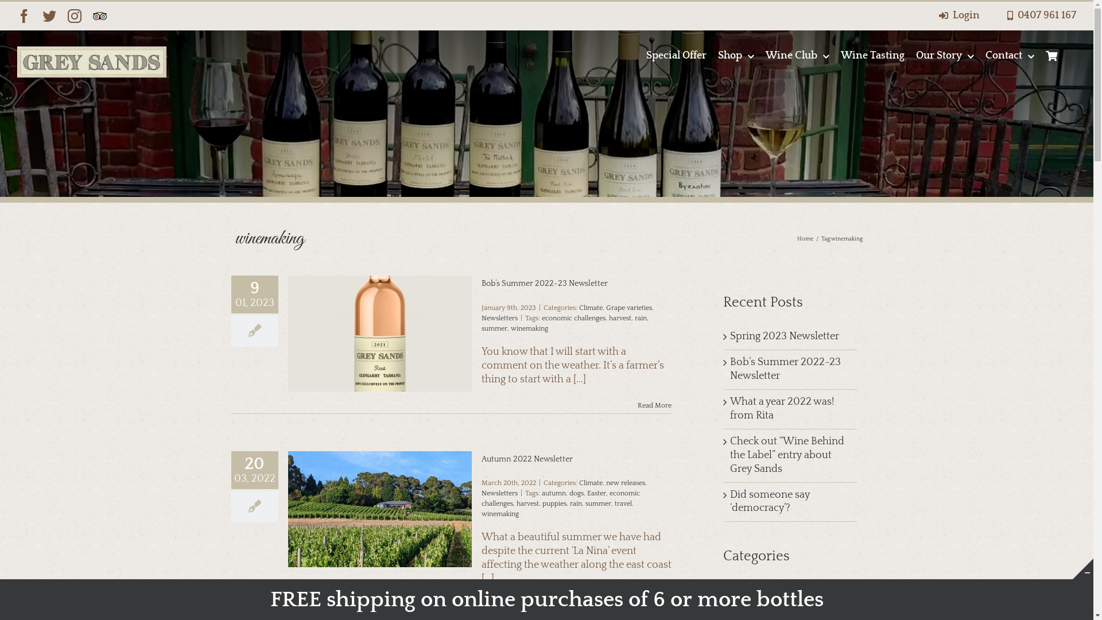 The height and width of the screenshot is (620, 1102). What do you see at coordinates (499, 513) in the screenshot?
I see `'winemaking'` at bounding box center [499, 513].